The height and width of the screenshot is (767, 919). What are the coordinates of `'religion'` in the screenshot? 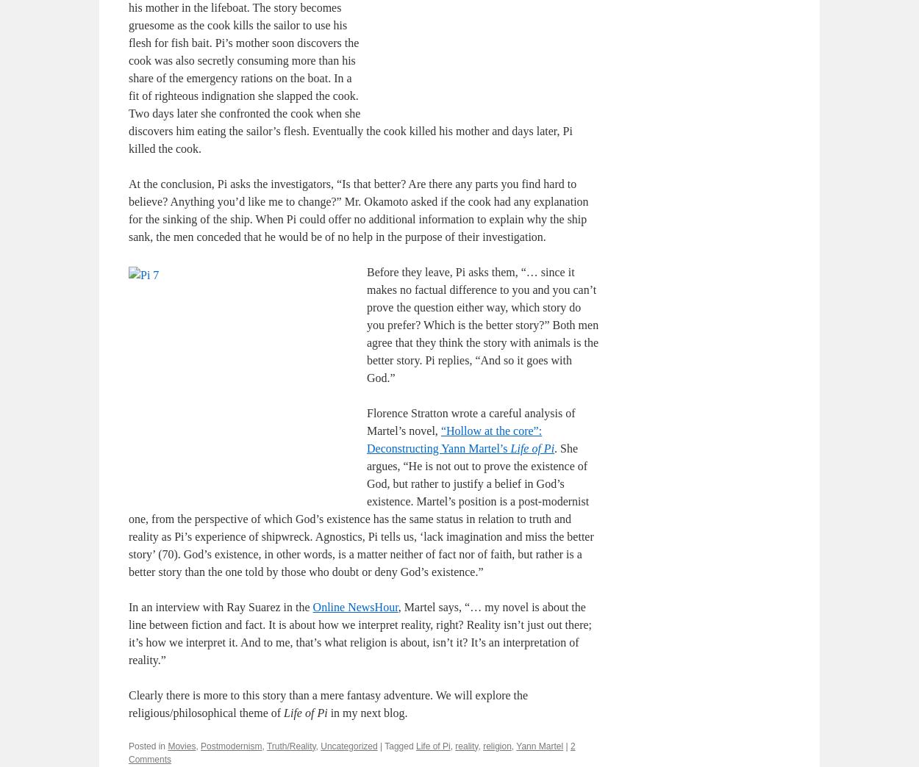 It's located at (496, 745).